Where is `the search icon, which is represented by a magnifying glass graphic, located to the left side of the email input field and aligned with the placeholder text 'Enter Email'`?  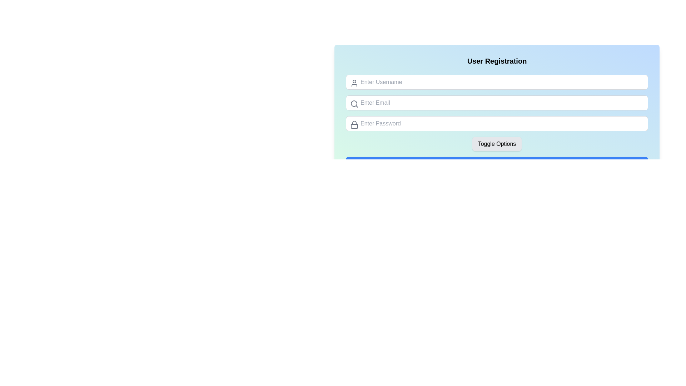 the search icon, which is represented by a magnifying glass graphic, located to the left side of the email input field and aligned with the placeholder text 'Enter Email' is located at coordinates (354, 104).